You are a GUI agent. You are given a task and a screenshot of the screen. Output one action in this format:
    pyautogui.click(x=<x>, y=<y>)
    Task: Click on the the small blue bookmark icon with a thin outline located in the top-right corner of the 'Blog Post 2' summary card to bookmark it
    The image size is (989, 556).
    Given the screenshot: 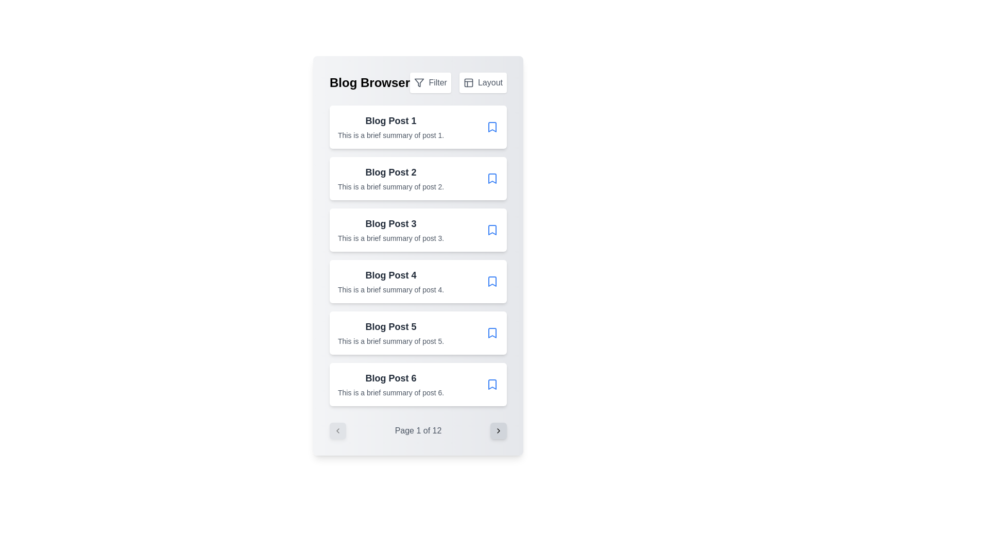 What is the action you would take?
    pyautogui.click(x=491, y=178)
    